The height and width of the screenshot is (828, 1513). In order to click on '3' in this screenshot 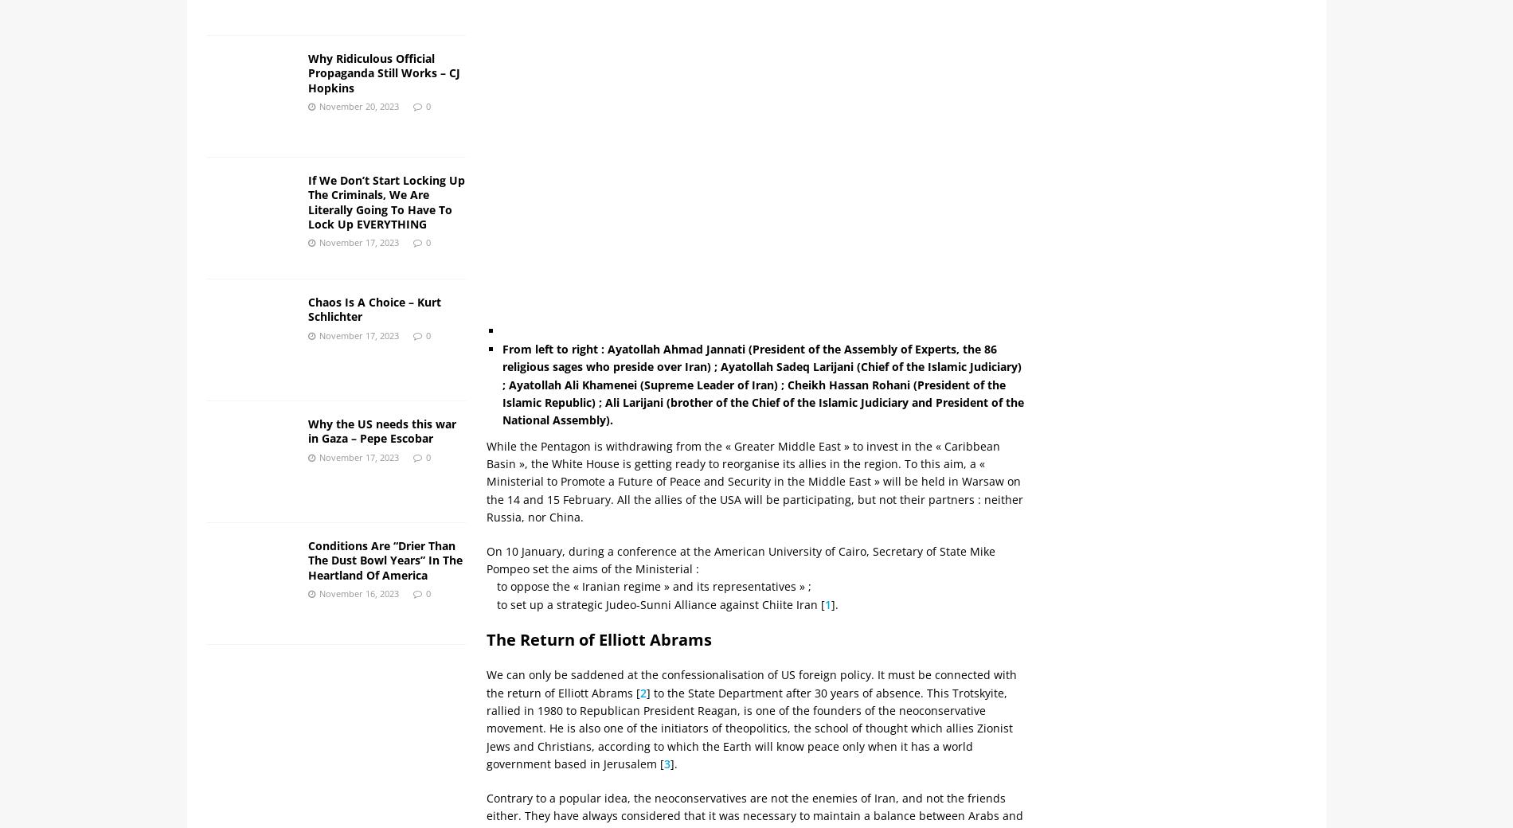, I will do `click(667, 764)`.